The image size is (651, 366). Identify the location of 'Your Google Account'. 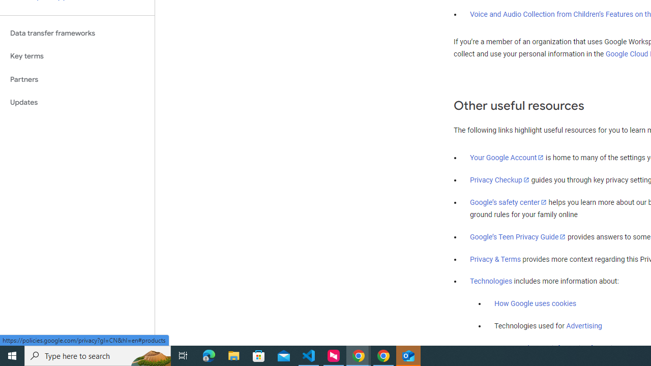
(507, 157).